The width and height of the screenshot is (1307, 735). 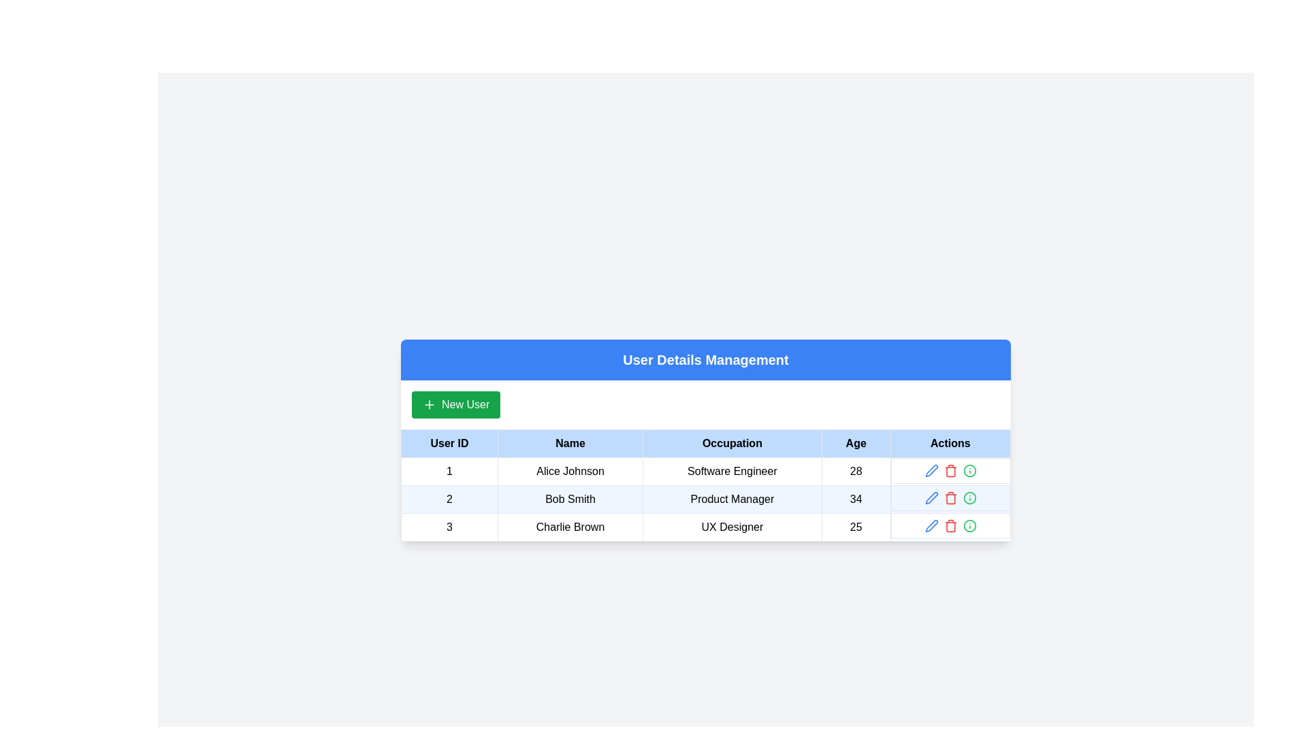 I want to click on the delete button icon located in the fifth column of the row corresponding to user 'Bob Smith', so click(x=950, y=498).